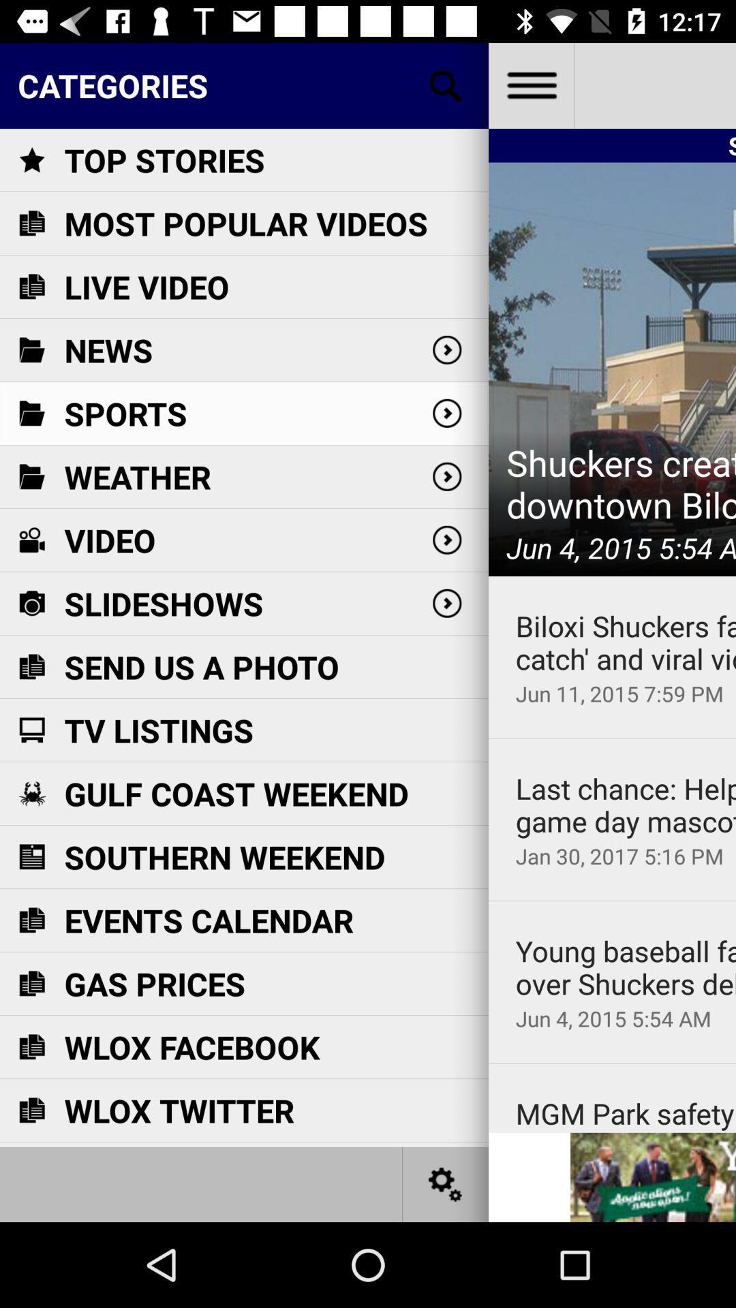 This screenshot has height=1308, width=736. Describe the element at coordinates (446, 1183) in the screenshot. I see `the settings icon` at that location.